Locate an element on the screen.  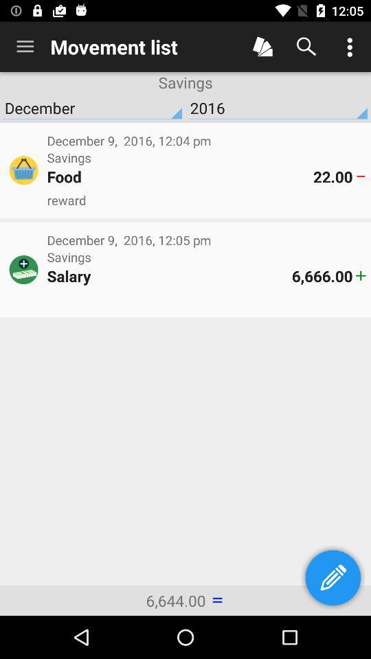
reward is located at coordinates (205, 199).